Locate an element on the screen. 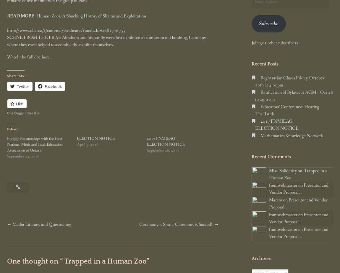 This screenshot has height=273, width=340. 'Related' is located at coordinates (12, 129).